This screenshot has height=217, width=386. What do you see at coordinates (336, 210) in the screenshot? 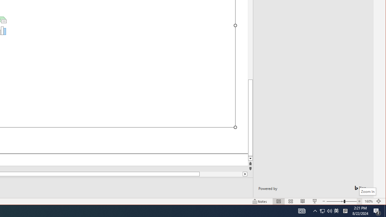
I see `'User Promoted Notification Area'` at bounding box center [336, 210].